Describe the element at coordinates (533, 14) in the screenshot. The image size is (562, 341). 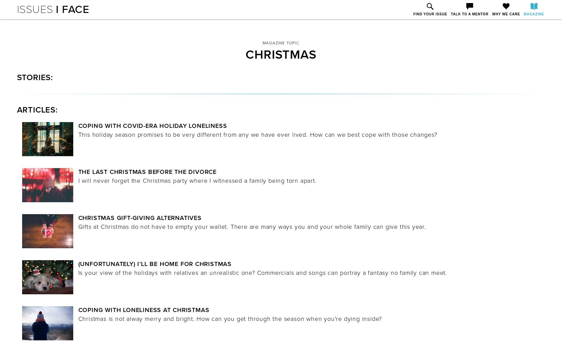
I see `'Magazine'` at that location.